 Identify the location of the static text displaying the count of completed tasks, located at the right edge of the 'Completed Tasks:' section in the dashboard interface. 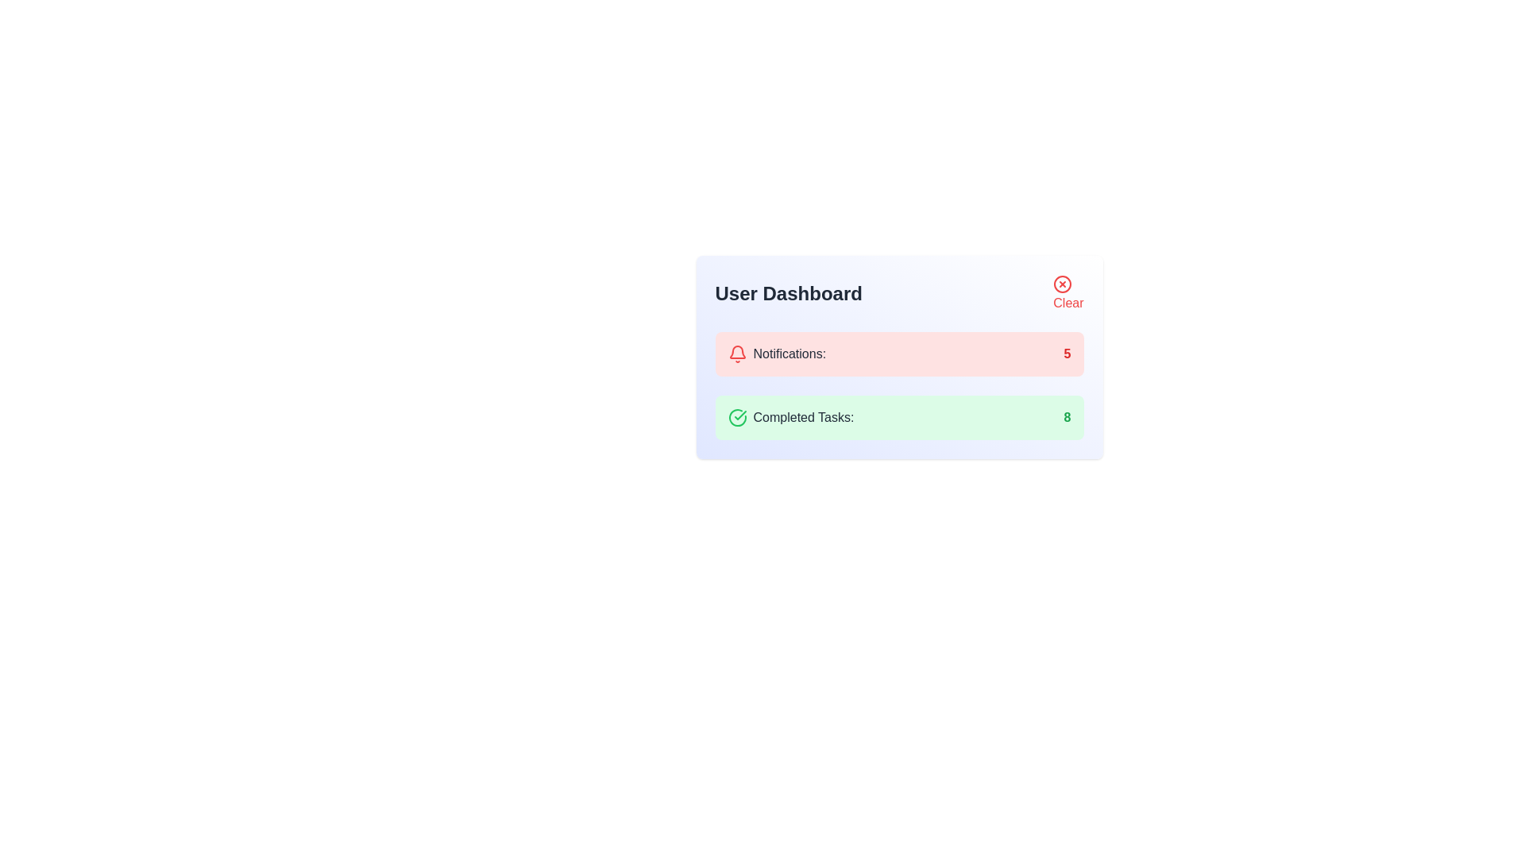
(1067, 416).